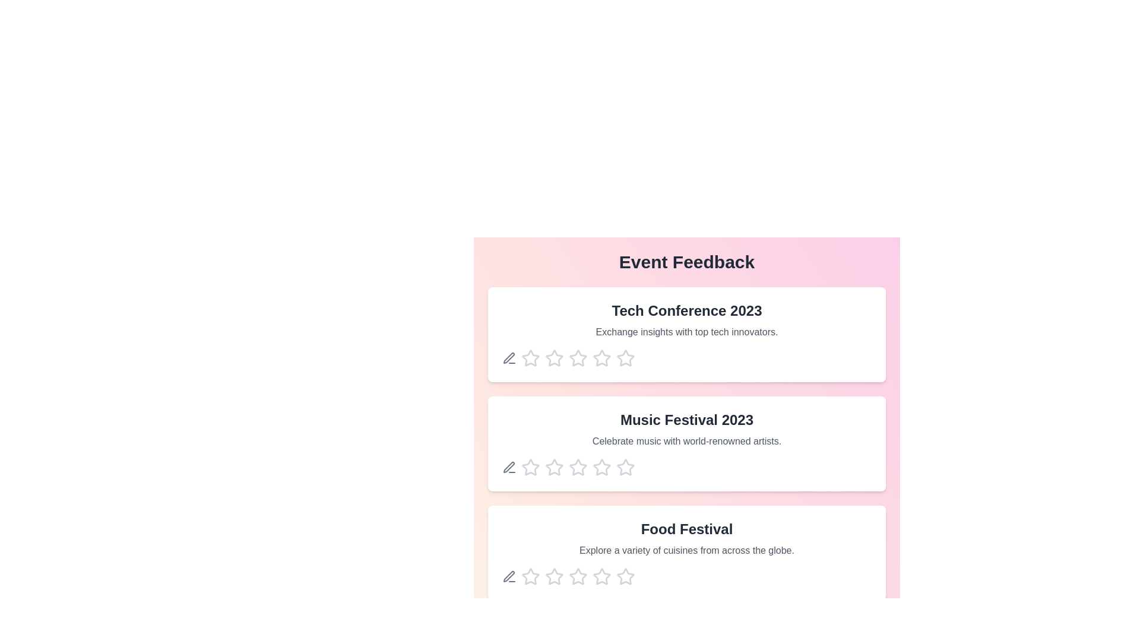 This screenshot has width=1140, height=641. Describe the element at coordinates (686, 334) in the screenshot. I see `the event card for Tech Conference 2023` at that location.